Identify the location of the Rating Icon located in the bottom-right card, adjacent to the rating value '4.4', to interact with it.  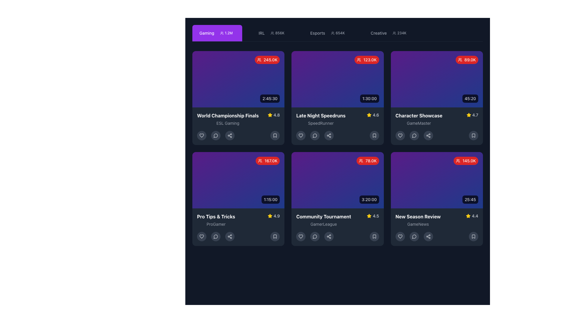
(468, 216).